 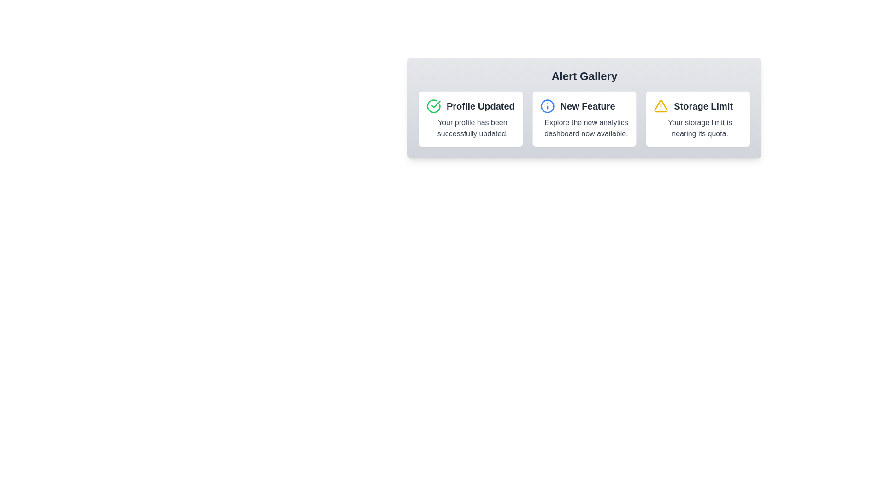 I want to click on the text label displaying 'Profile Updated', which is located under the header 'Alert Gallery' and is positioned to the right of a green check mark icon, so click(x=480, y=106).